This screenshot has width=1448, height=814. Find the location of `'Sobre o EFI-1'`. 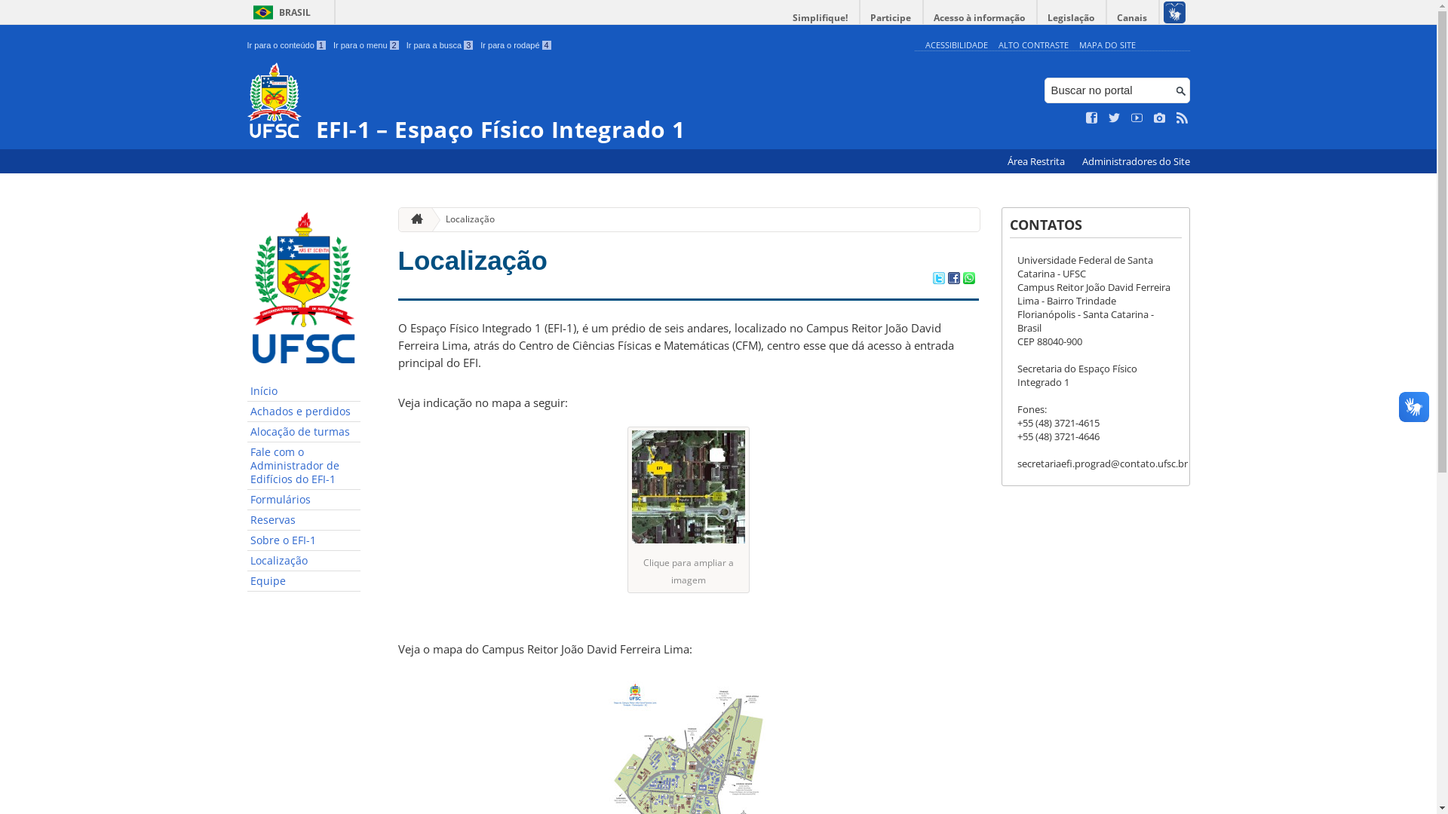

'Sobre o EFI-1' is located at coordinates (303, 540).